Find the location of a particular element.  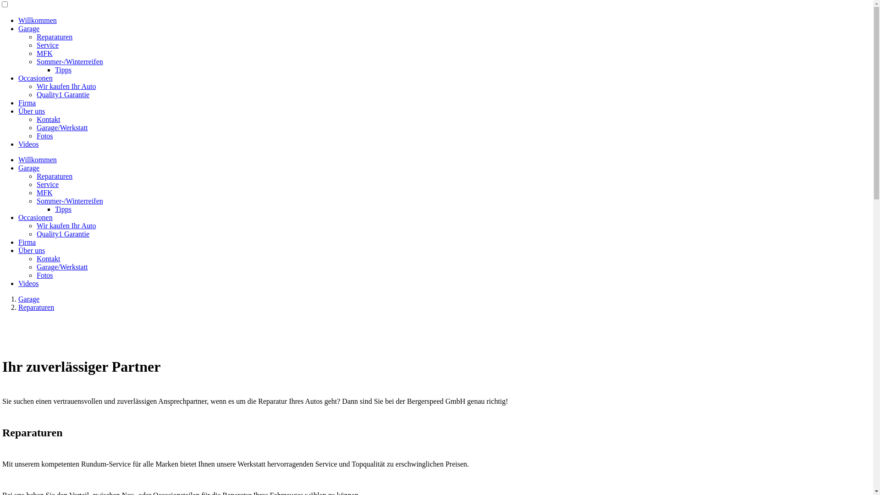

'Willkommen' is located at coordinates (18, 159).